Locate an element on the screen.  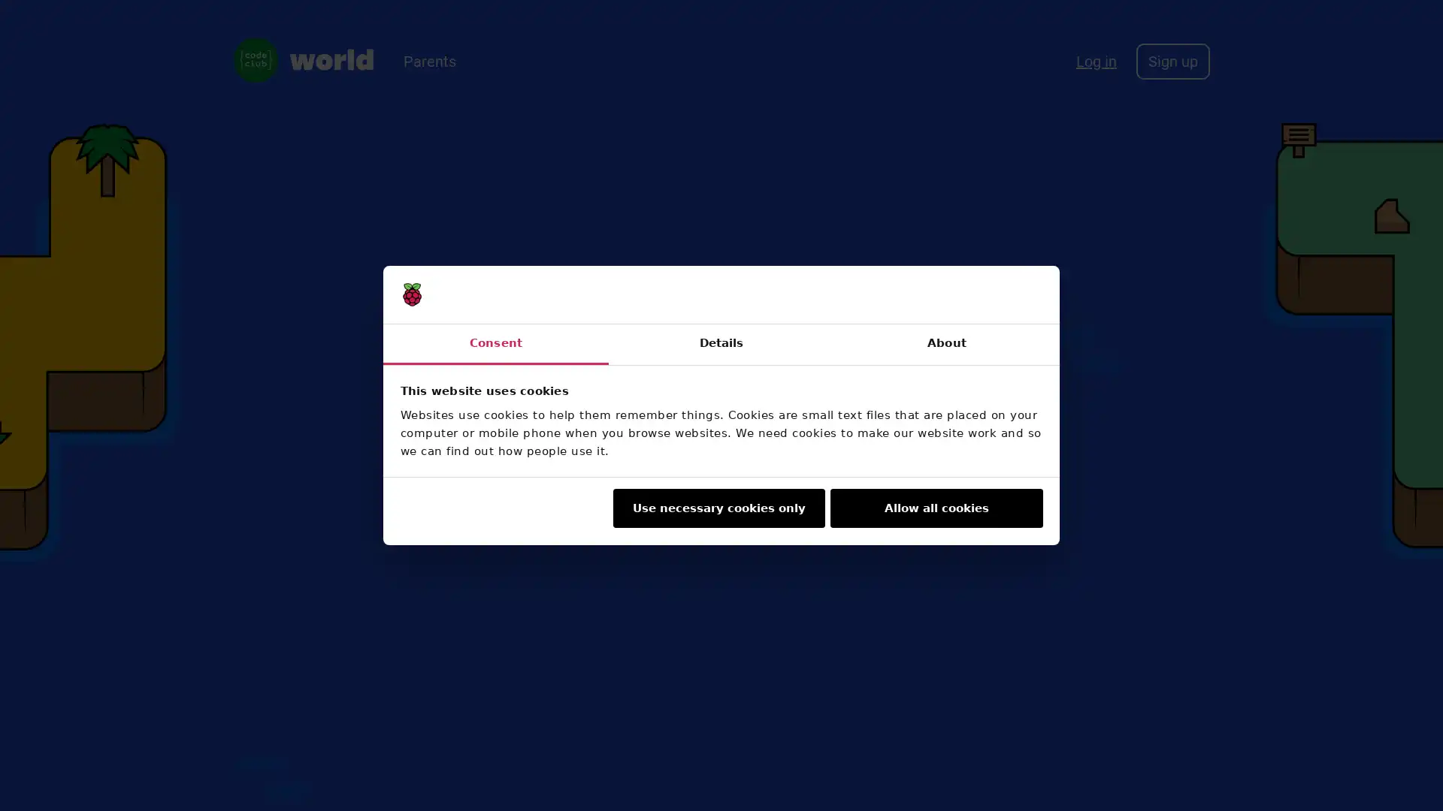
Allow all cookies is located at coordinates (936, 508).